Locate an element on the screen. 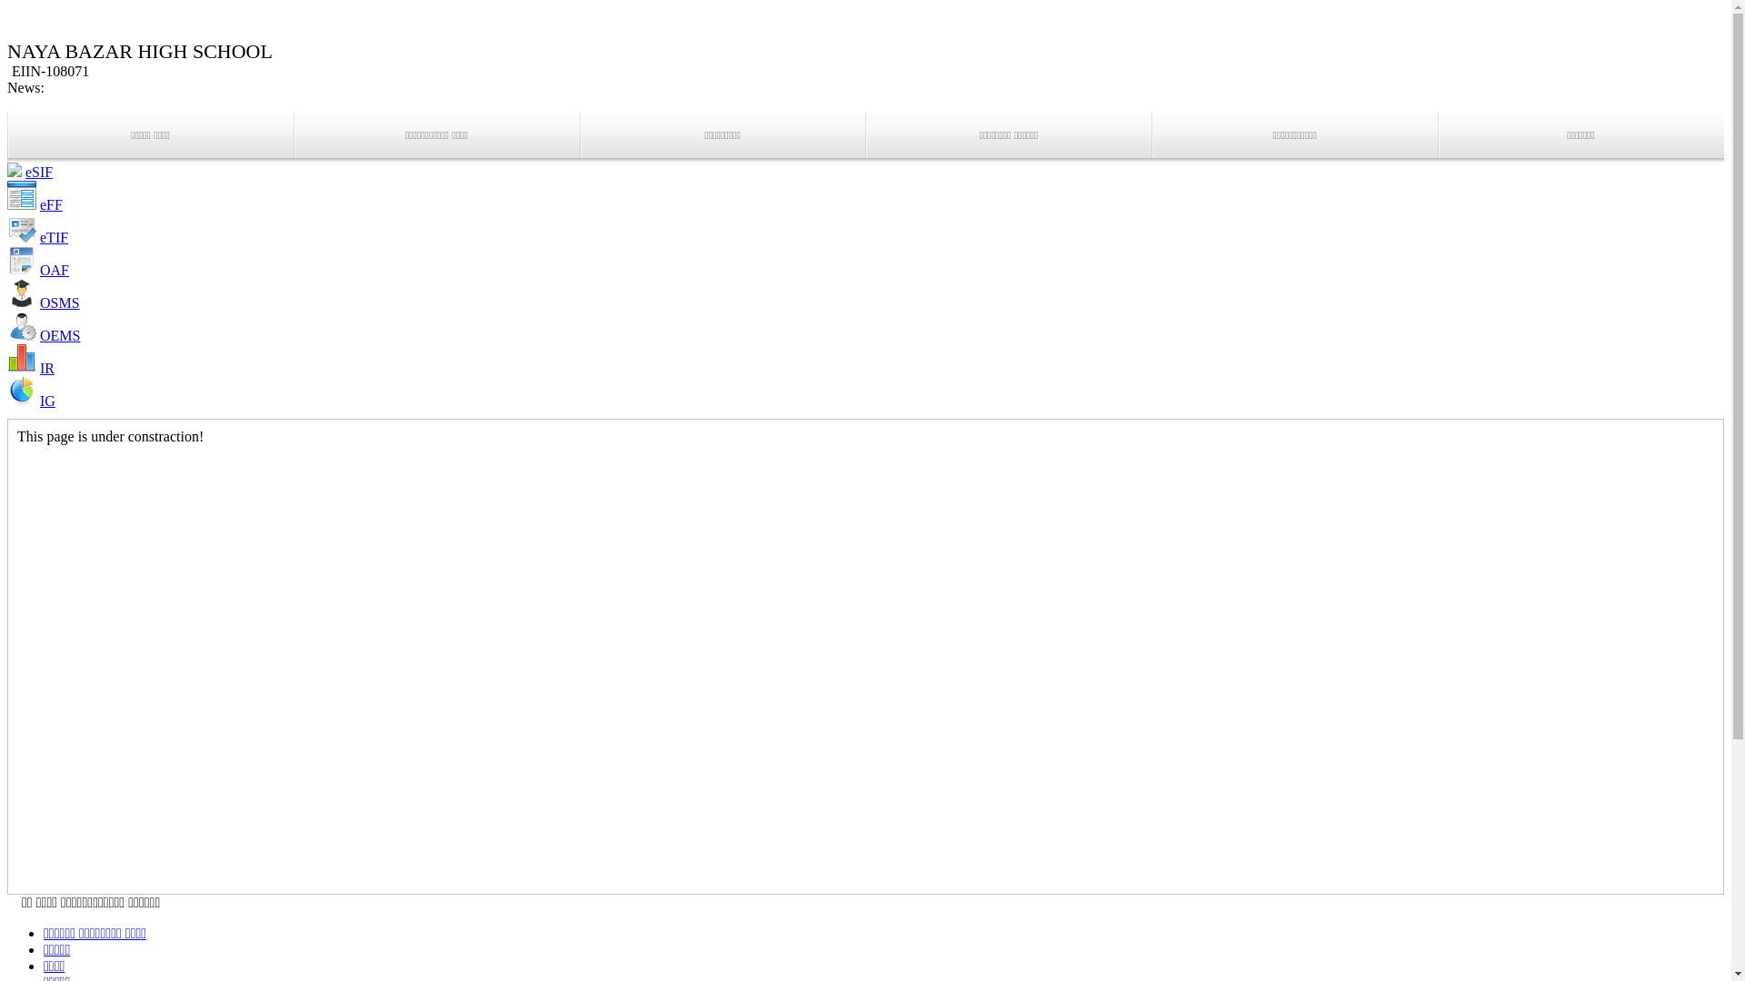 This screenshot has height=981, width=1745. 'eFF' is located at coordinates (51, 204).